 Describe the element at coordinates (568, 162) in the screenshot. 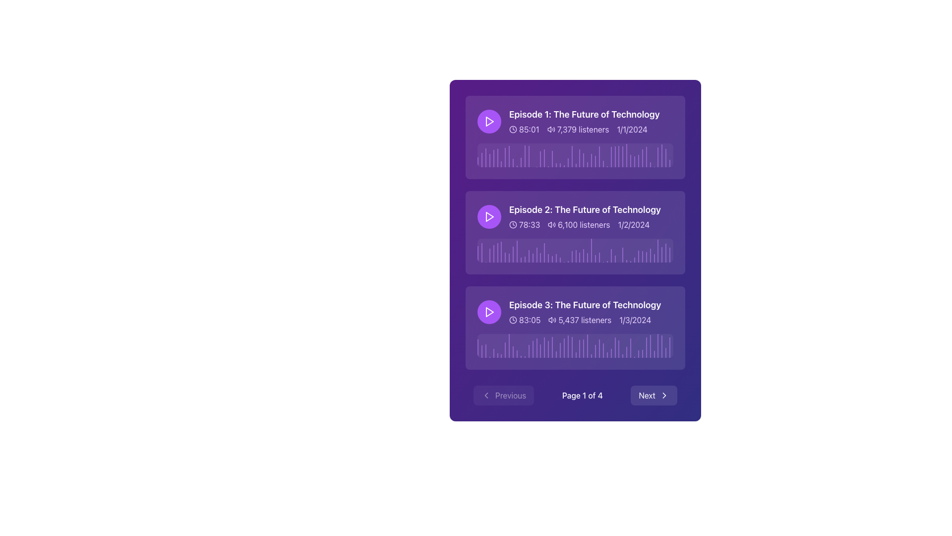

I see `24th vertical line of the audio playback progress bar to check its style properties` at that location.